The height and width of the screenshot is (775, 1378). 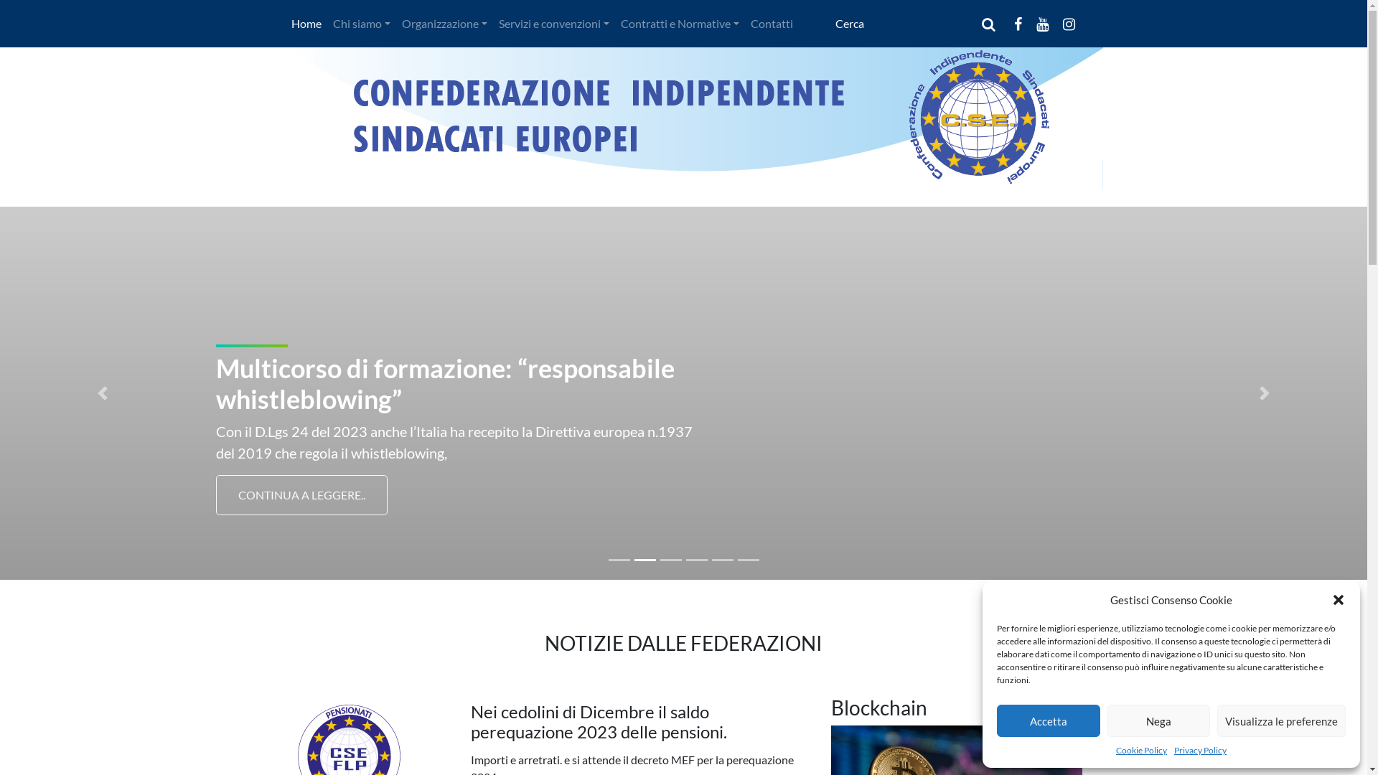 What do you see at coordinates (1200, 749) in the screenshot?
I see `'Privacy Policy'` at bounding box center [1200, 749].